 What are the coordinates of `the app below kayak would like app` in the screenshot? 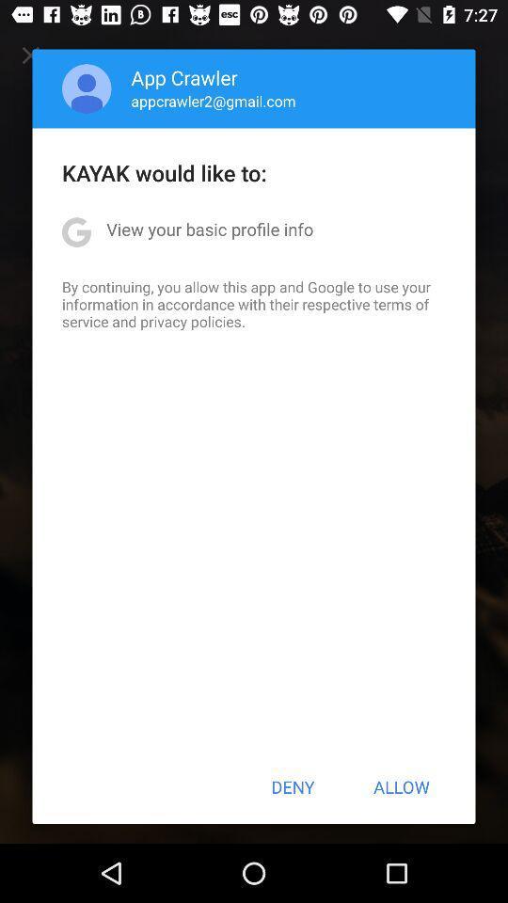 It's located at (209, 228).